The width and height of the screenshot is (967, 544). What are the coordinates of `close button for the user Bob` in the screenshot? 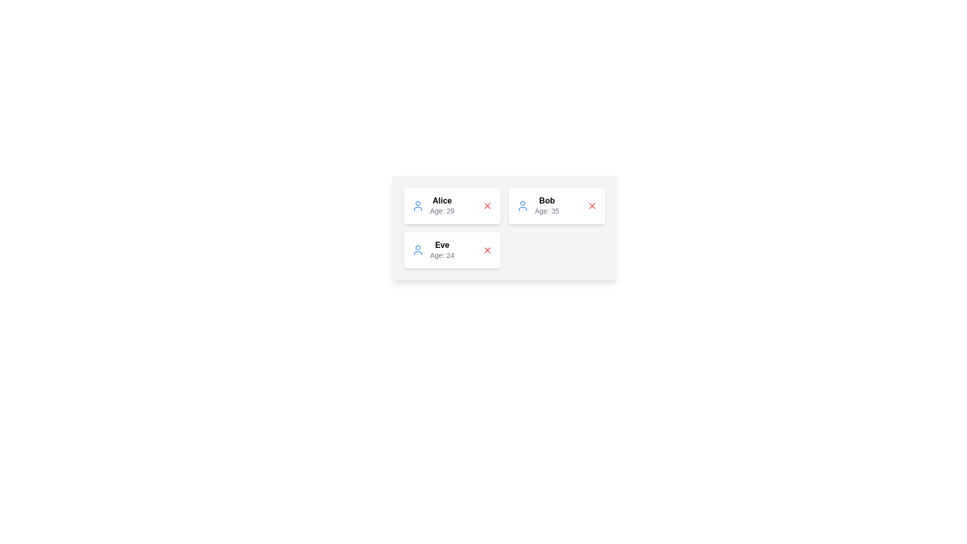 It's located at (592, 205).